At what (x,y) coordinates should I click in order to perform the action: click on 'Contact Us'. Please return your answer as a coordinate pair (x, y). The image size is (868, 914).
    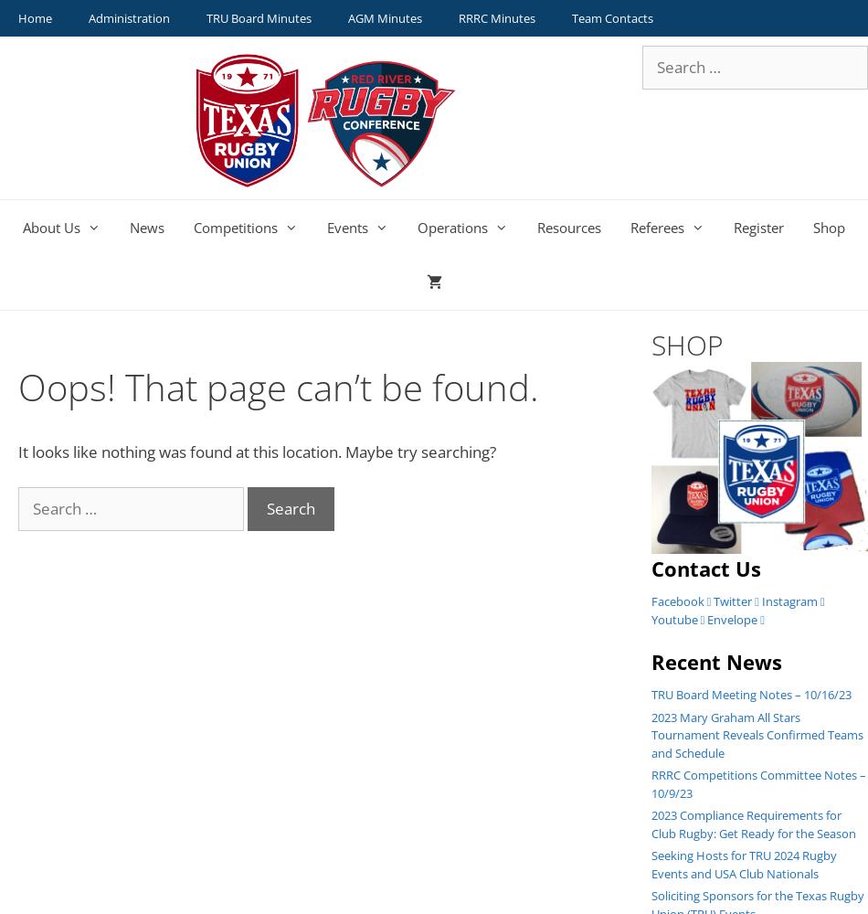
    Looking at the image, I should click on (704, 568).